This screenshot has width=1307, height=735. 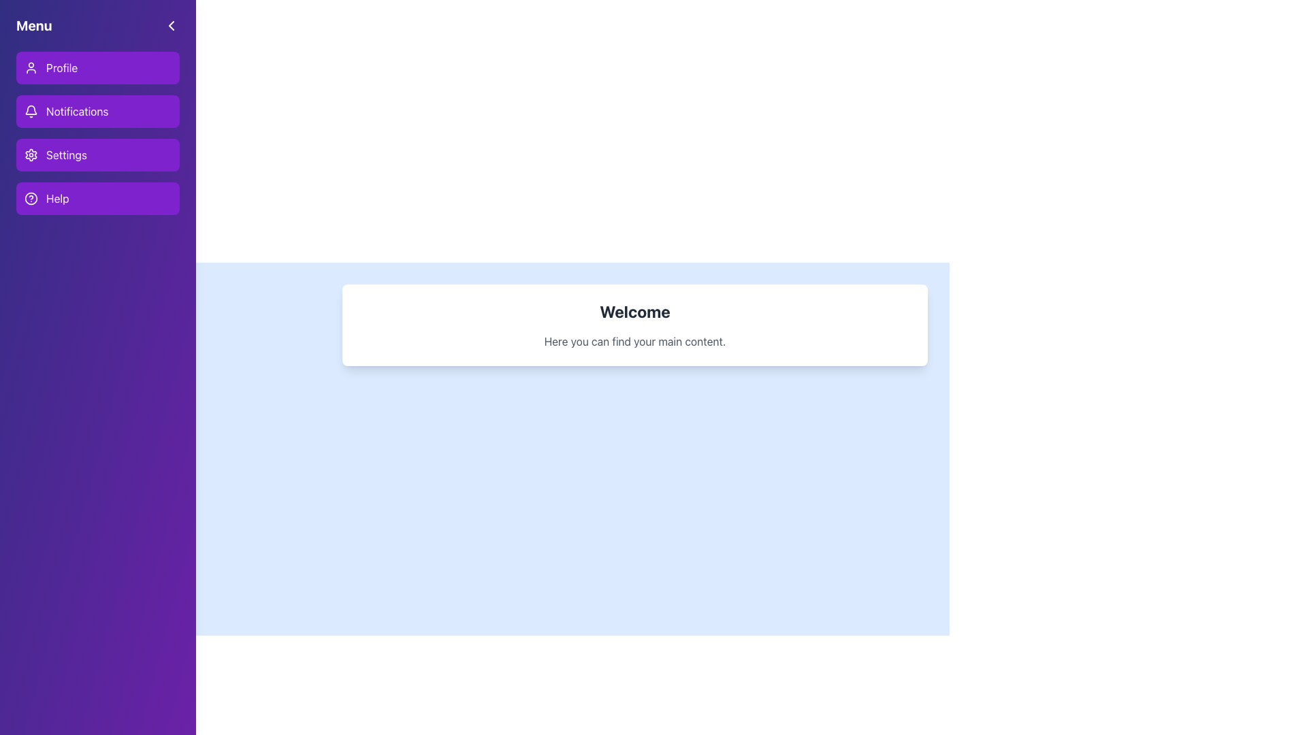 What do you see at coordinates (31, 68) in the screenshot?
I see `the user icon, which is a minimalist line-art illustration styled in white, located within the 'Profile' button on the left-hand side of the interface` at bounding box center [31, 68].